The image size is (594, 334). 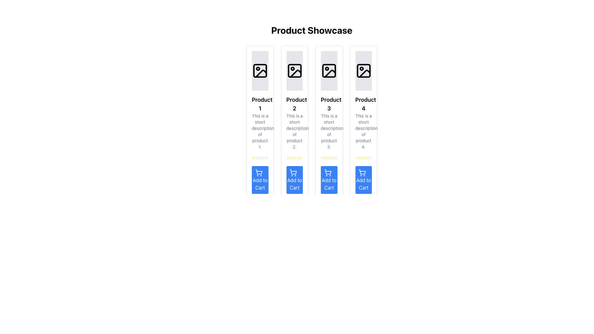 What do you see at coordinates (295, 73) in the screenshot?
I see `the vector graphic component located in the top left corner of the second product card` at bounding box center [295, 73].